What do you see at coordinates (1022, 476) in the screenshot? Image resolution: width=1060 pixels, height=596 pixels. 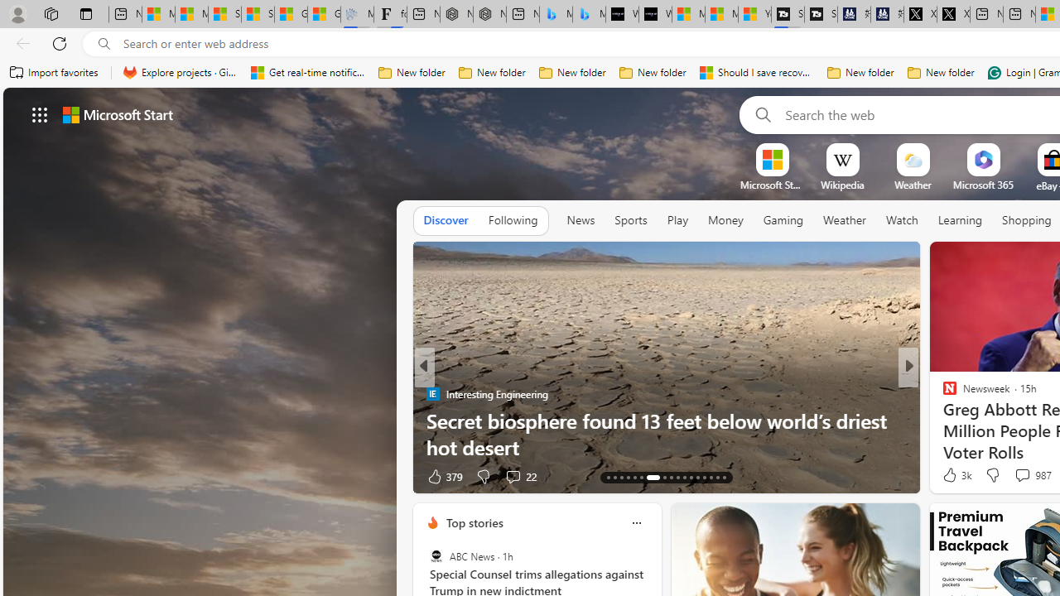 I see `'View comments 2 Comment'` at bounding box center [1022, 476].